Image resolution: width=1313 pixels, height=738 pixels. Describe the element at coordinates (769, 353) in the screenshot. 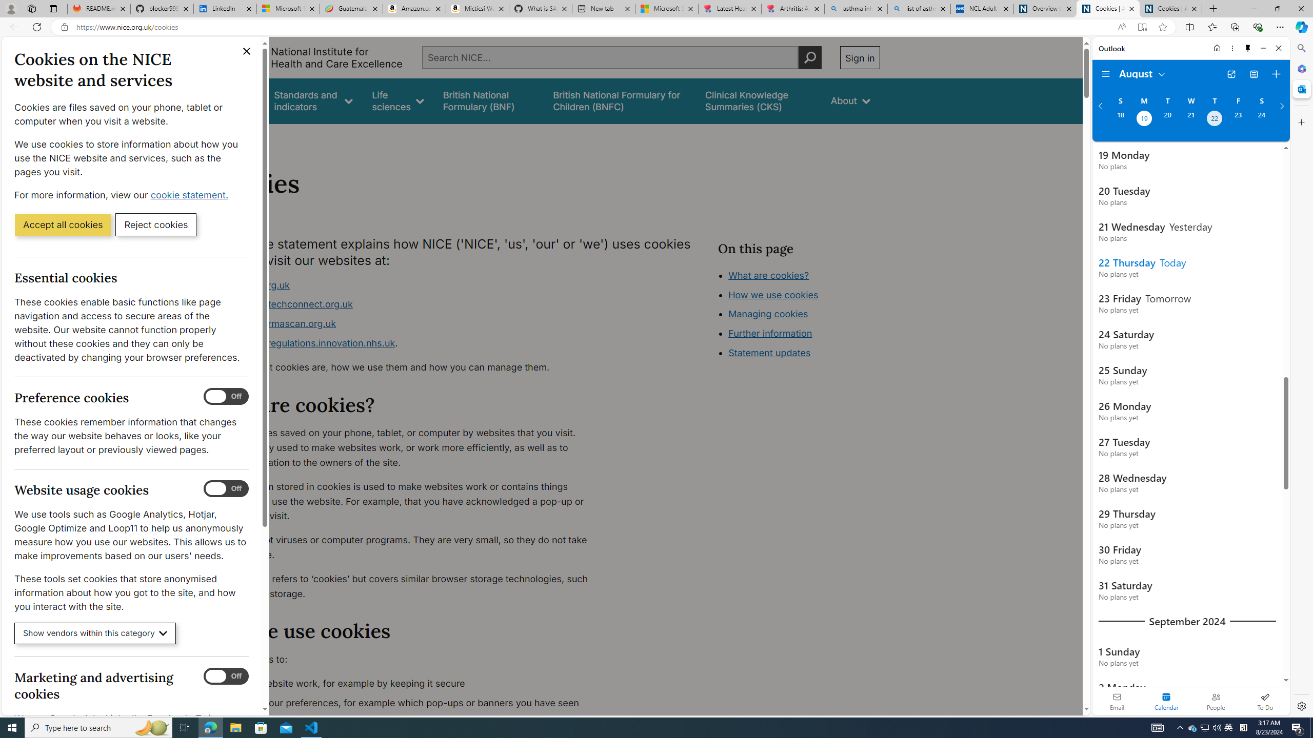

I see `'Statement updates'` at that location.